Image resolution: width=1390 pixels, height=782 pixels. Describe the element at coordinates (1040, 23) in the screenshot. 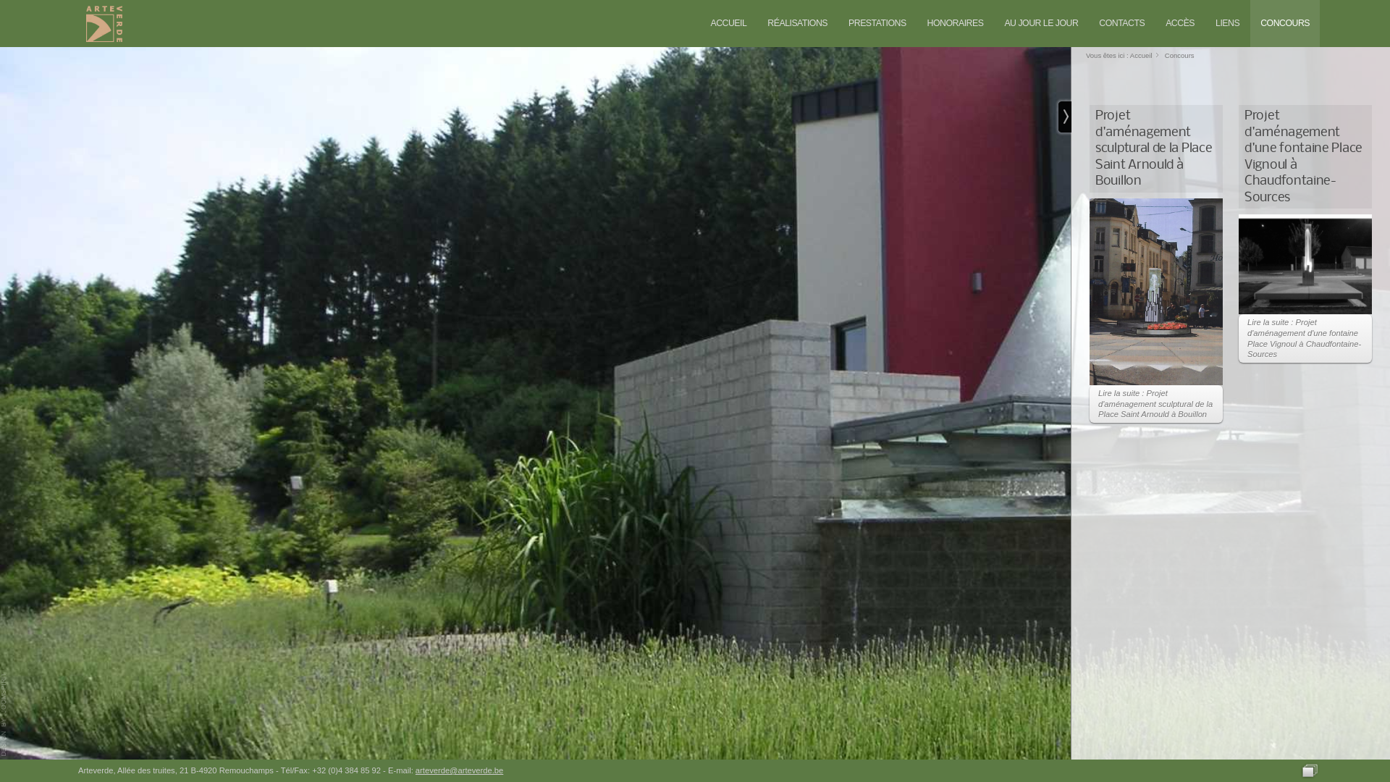

I see `'AU JOUR LE JOUR'` at that location.